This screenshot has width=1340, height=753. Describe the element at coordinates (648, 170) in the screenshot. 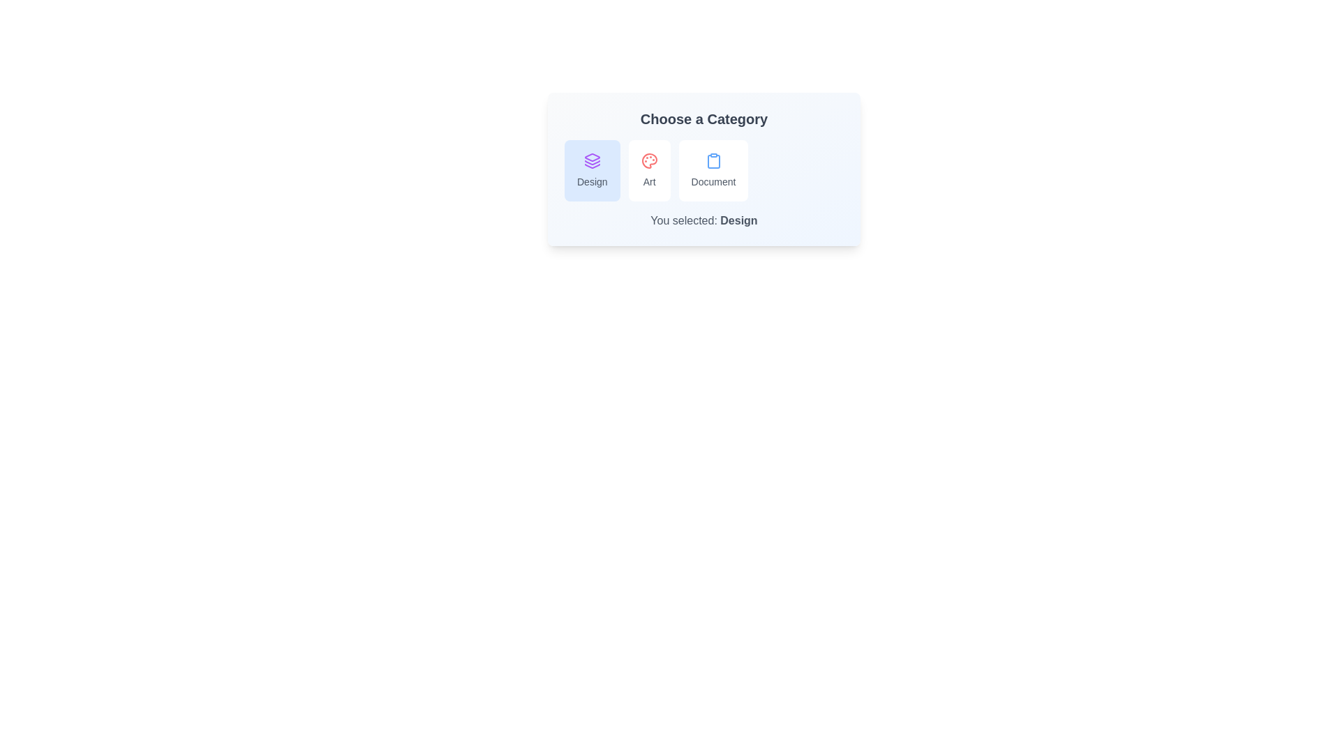

I see `the Art chip to observe its hover effect` at that location.